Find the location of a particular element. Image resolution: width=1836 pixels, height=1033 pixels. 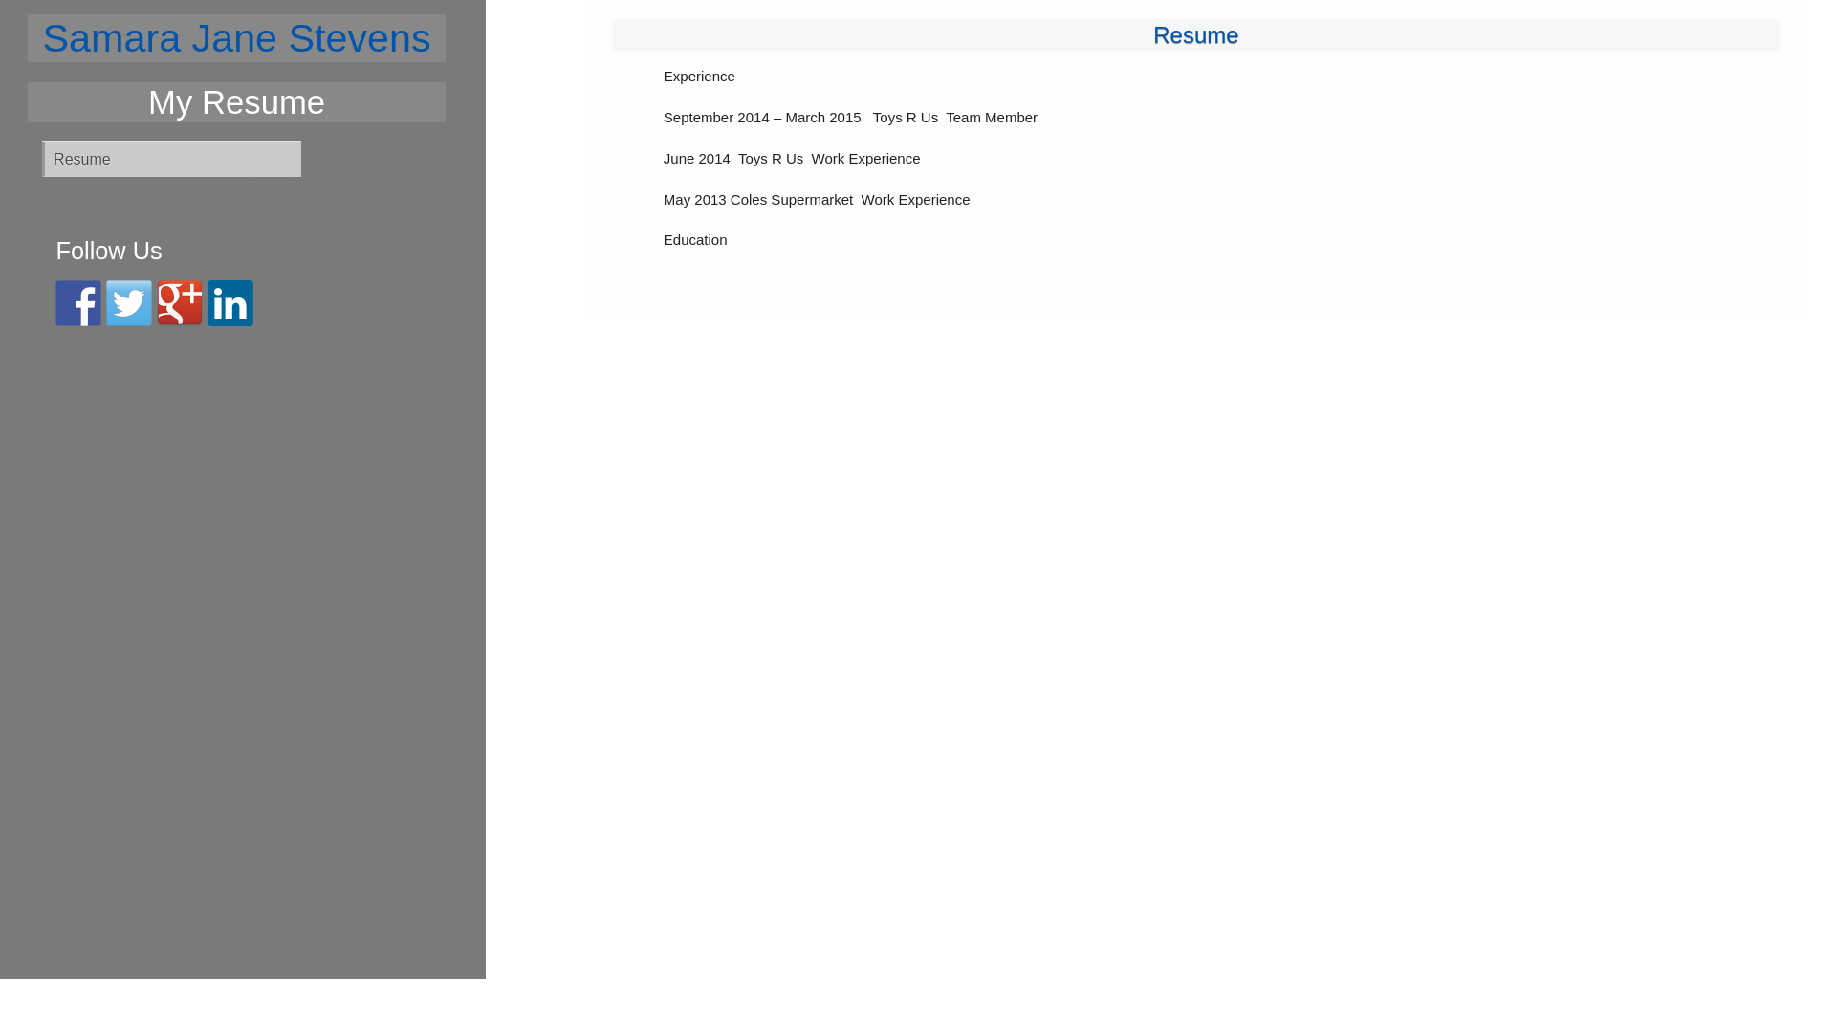

'Samara Jane Stevens' is located at coordinates (236, 37).